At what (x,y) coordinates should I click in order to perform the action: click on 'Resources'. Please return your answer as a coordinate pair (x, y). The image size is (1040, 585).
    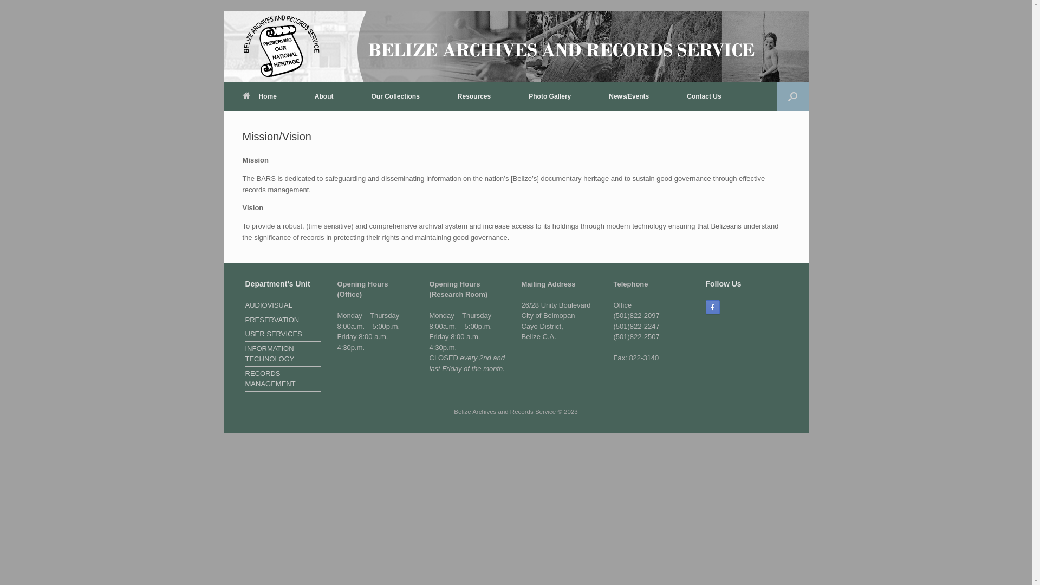
    Looking at the image, I should click on (474, 95).